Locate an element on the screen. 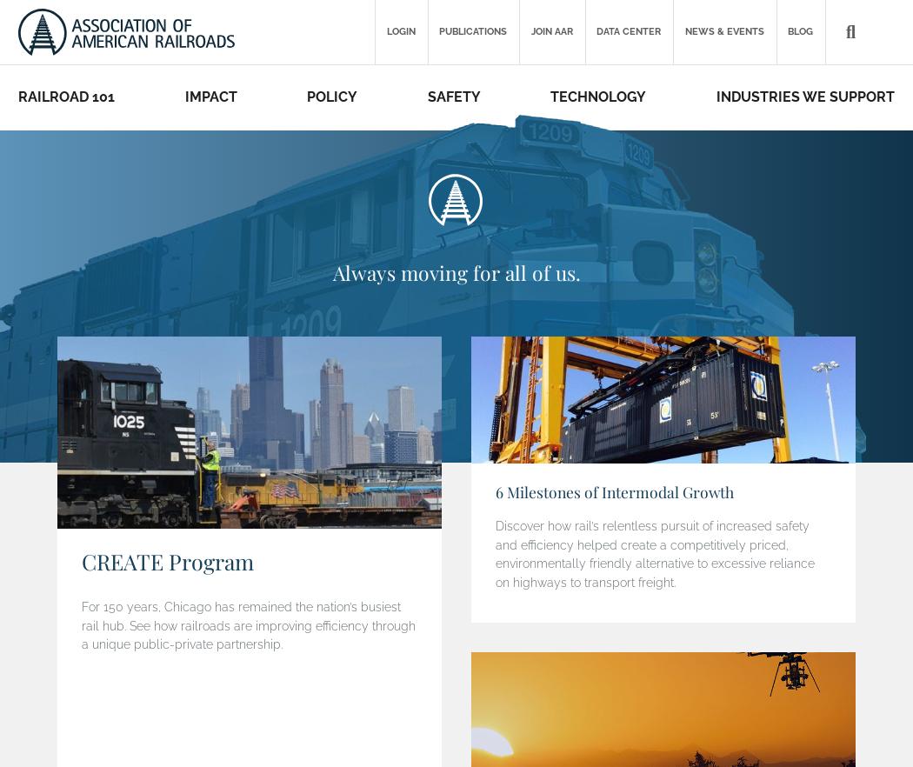 The width and height of the screenshot is (913, 767). 'Industries We Support' is located at coordinates (804, 96).